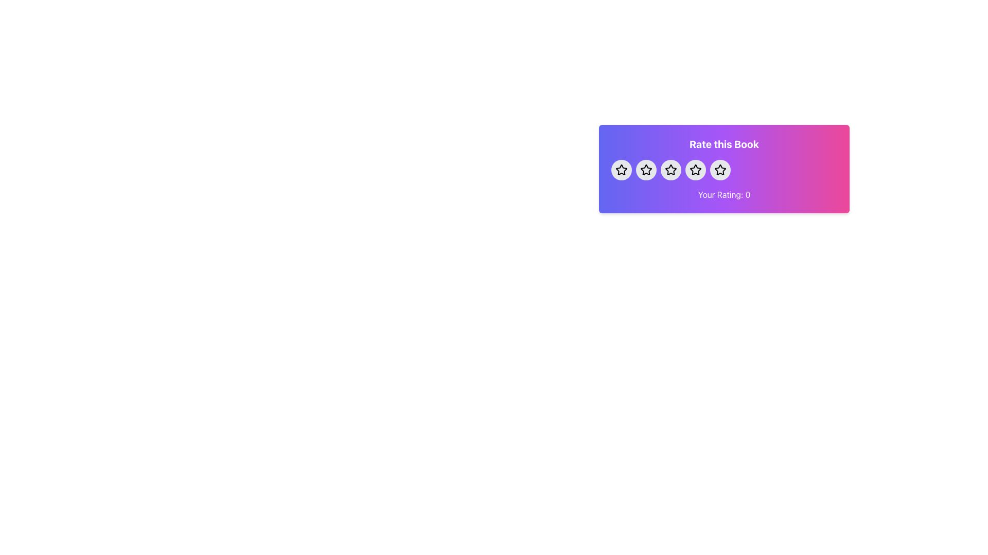 The width and height of the screenshot is (988, 555). What do you see at coordinates (646, 170) in the screenshot?
I see `the circular button with a light gray background and a black star-shaped icon, located in the row of buttons under the title 'Rate this Book'` at bounding box center [646, 170].